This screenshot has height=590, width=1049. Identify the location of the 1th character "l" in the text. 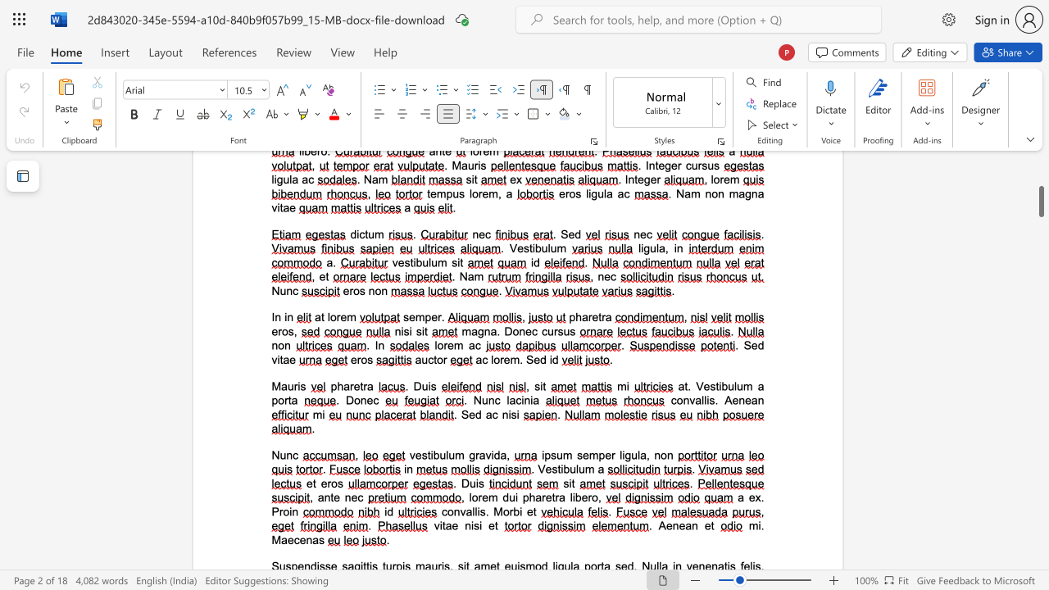
(447, 455).